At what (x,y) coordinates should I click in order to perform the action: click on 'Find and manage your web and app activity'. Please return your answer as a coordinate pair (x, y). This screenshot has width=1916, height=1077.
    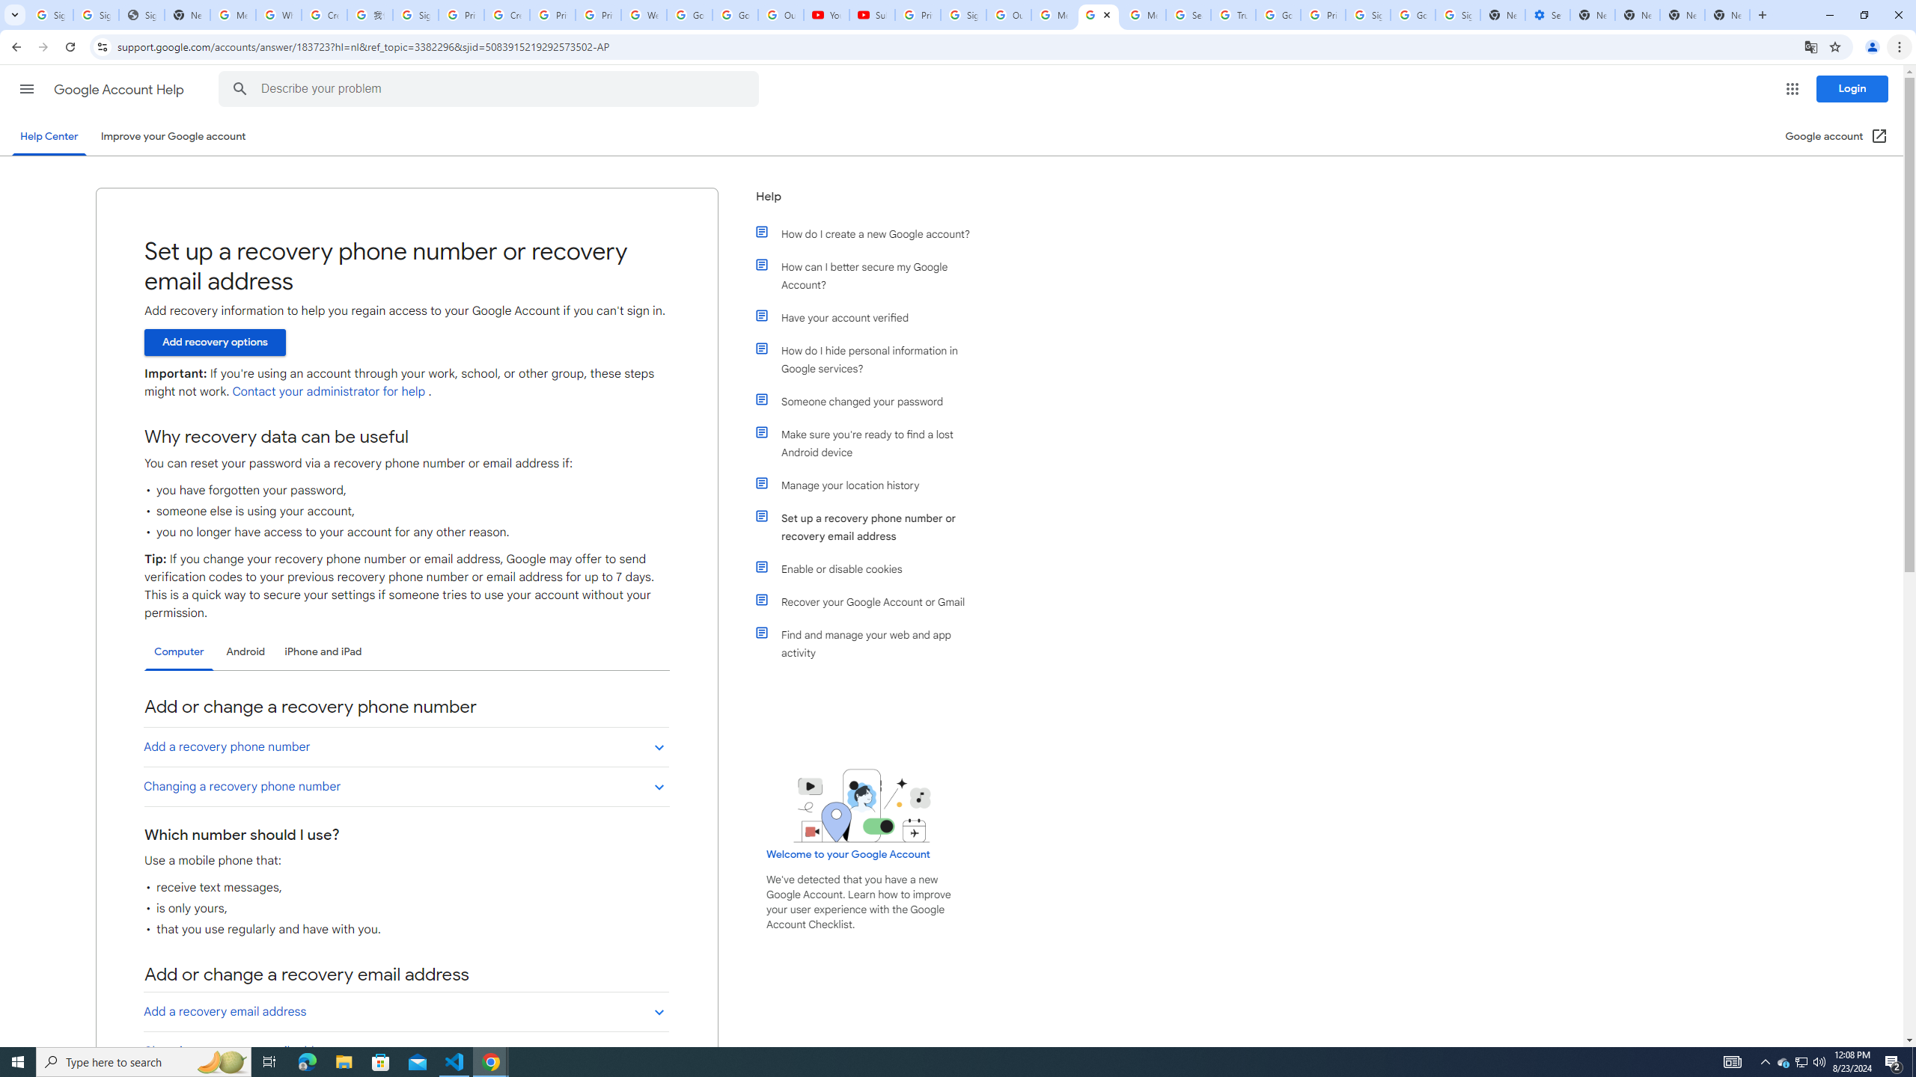
    Looking at the image, I should click on (870, 644).